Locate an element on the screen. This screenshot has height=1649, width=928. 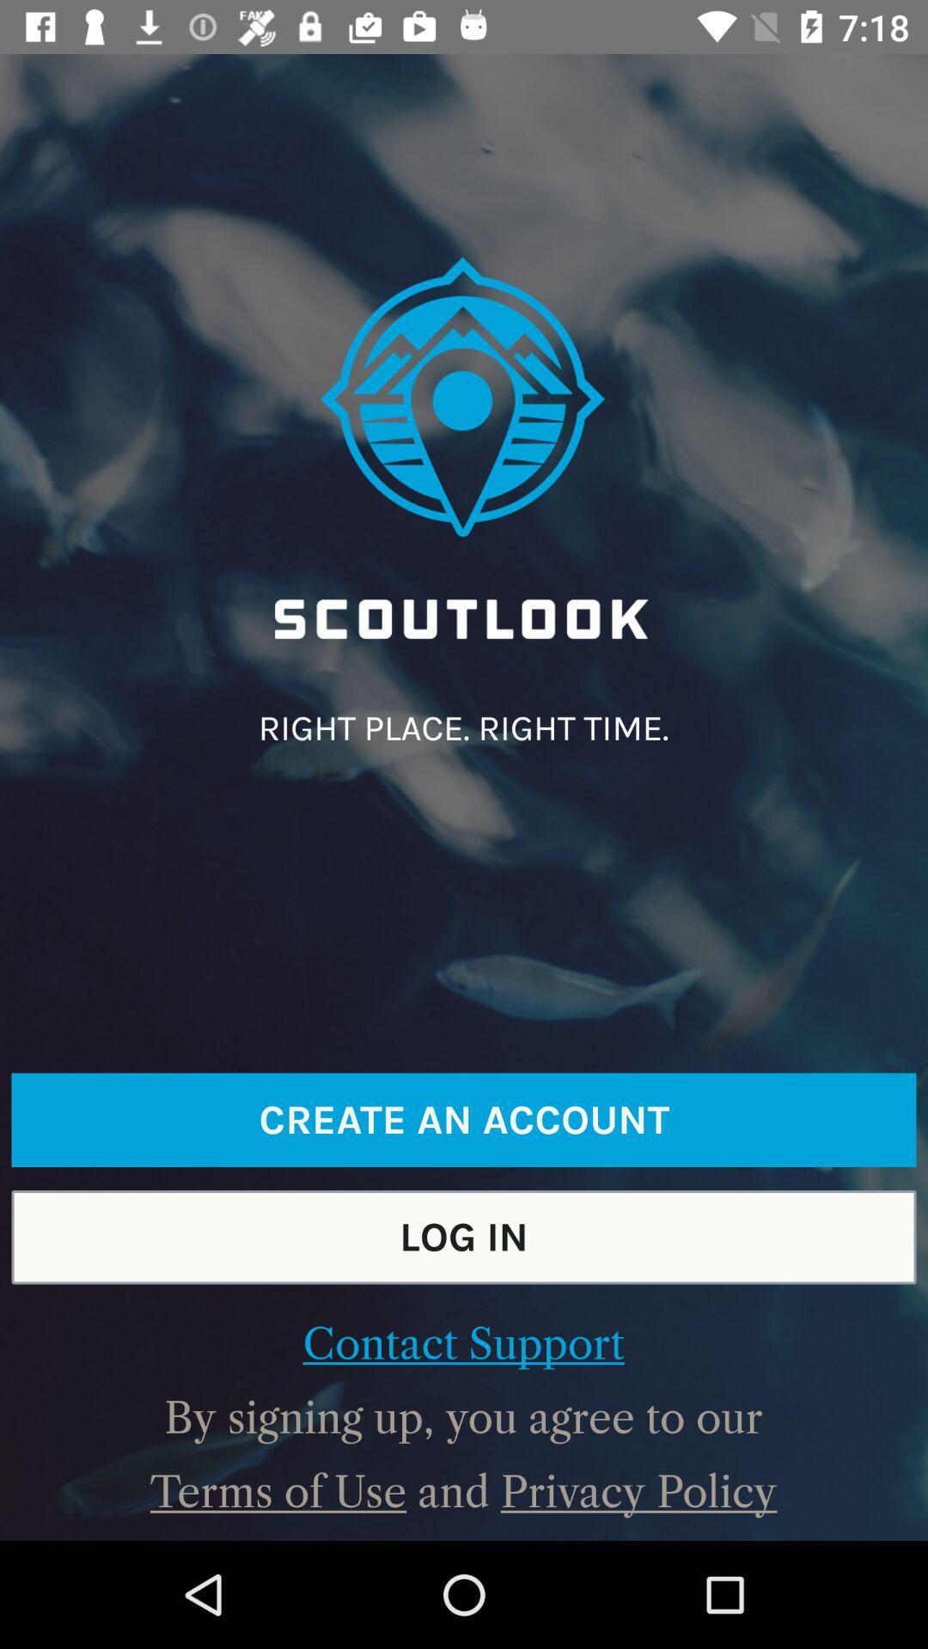
privacy policy item is located at coordinates (638, 1491).